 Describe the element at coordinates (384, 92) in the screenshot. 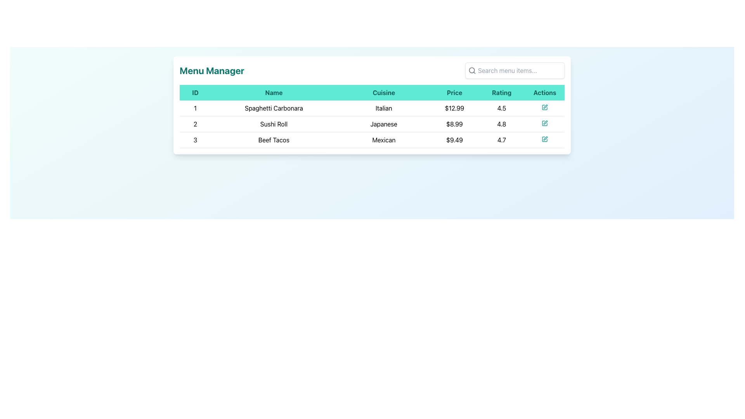

I see `the 'Cuisine' header label, which is a bold black text on a teal-green background, centrally aligned in the column headers section of a table-like structure` at that location.